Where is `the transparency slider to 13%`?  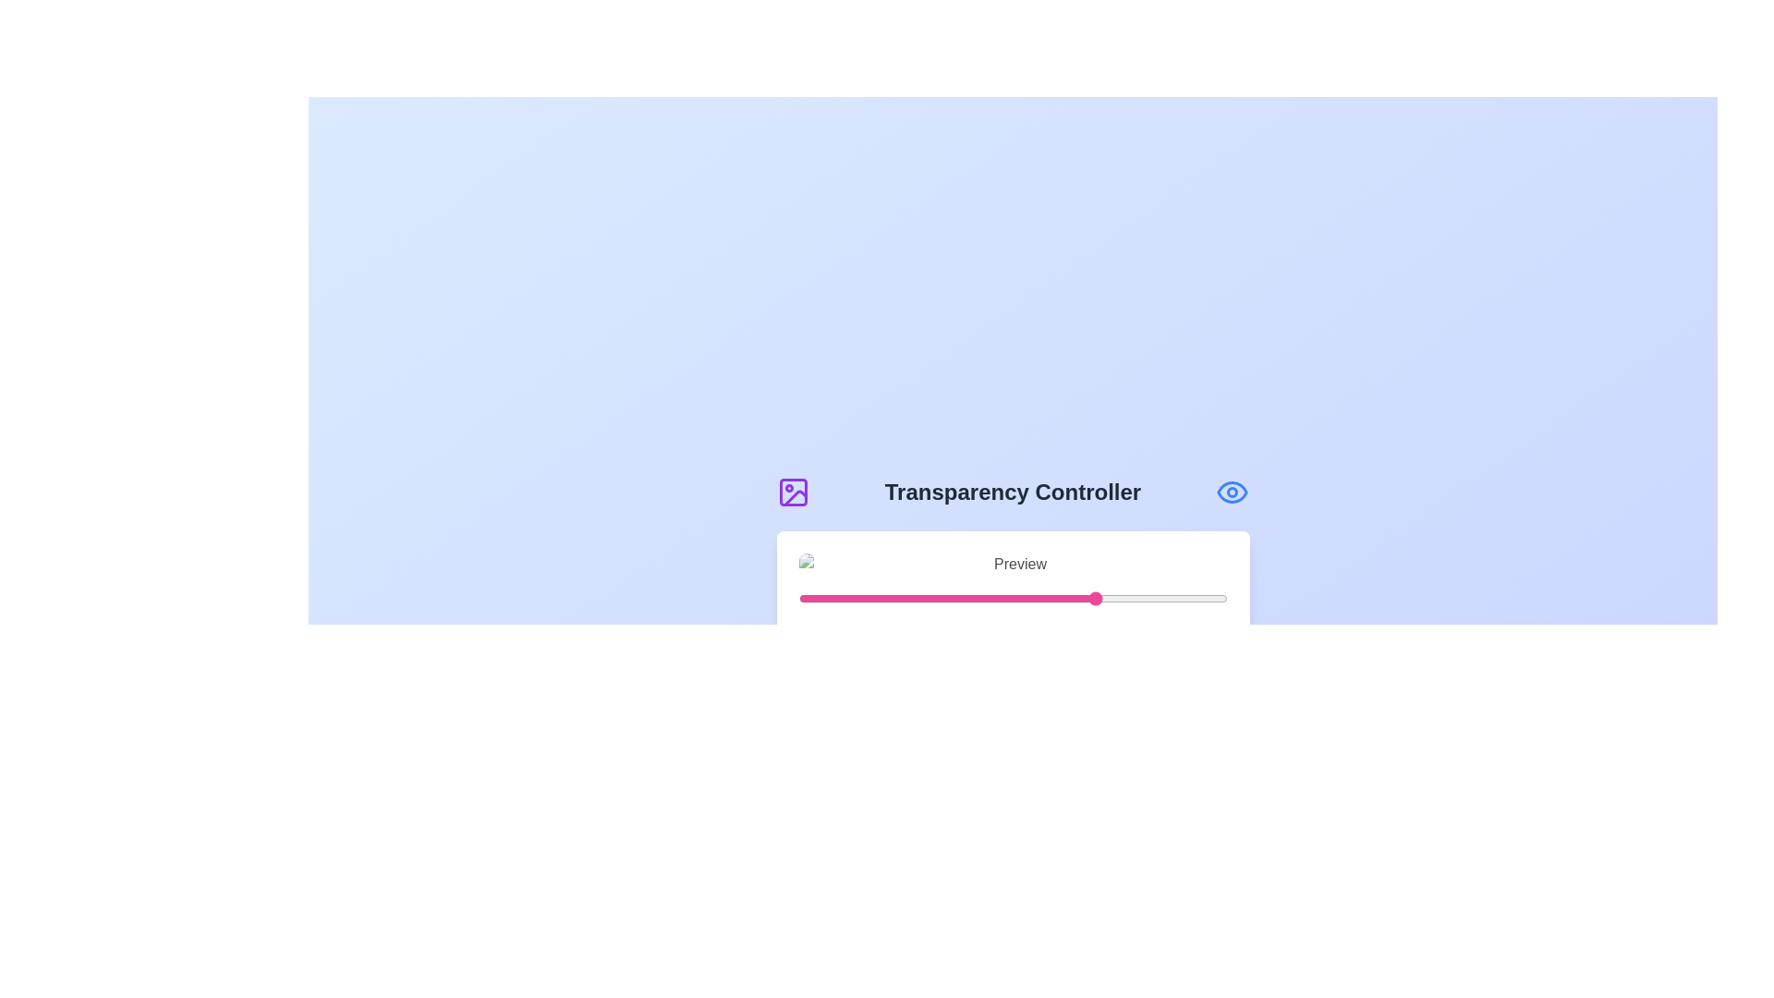 the transparency slider to 13% is located at coordinates (853, 599).